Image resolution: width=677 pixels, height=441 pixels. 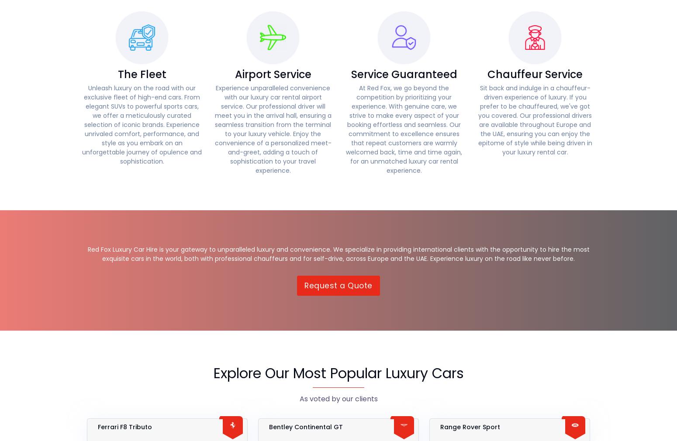 I want to click on 'Experience unparalleled convenience with our luxury car rental airport service. Our professional driver will meet you in the arrival hall, ensuring a seamless transition from the terminal to your luxury vehicle. Enjoy the convenience of a personalized meet-and-greet, adding a touch of sophistication to your travel experience.', so click(x=214, y=129).